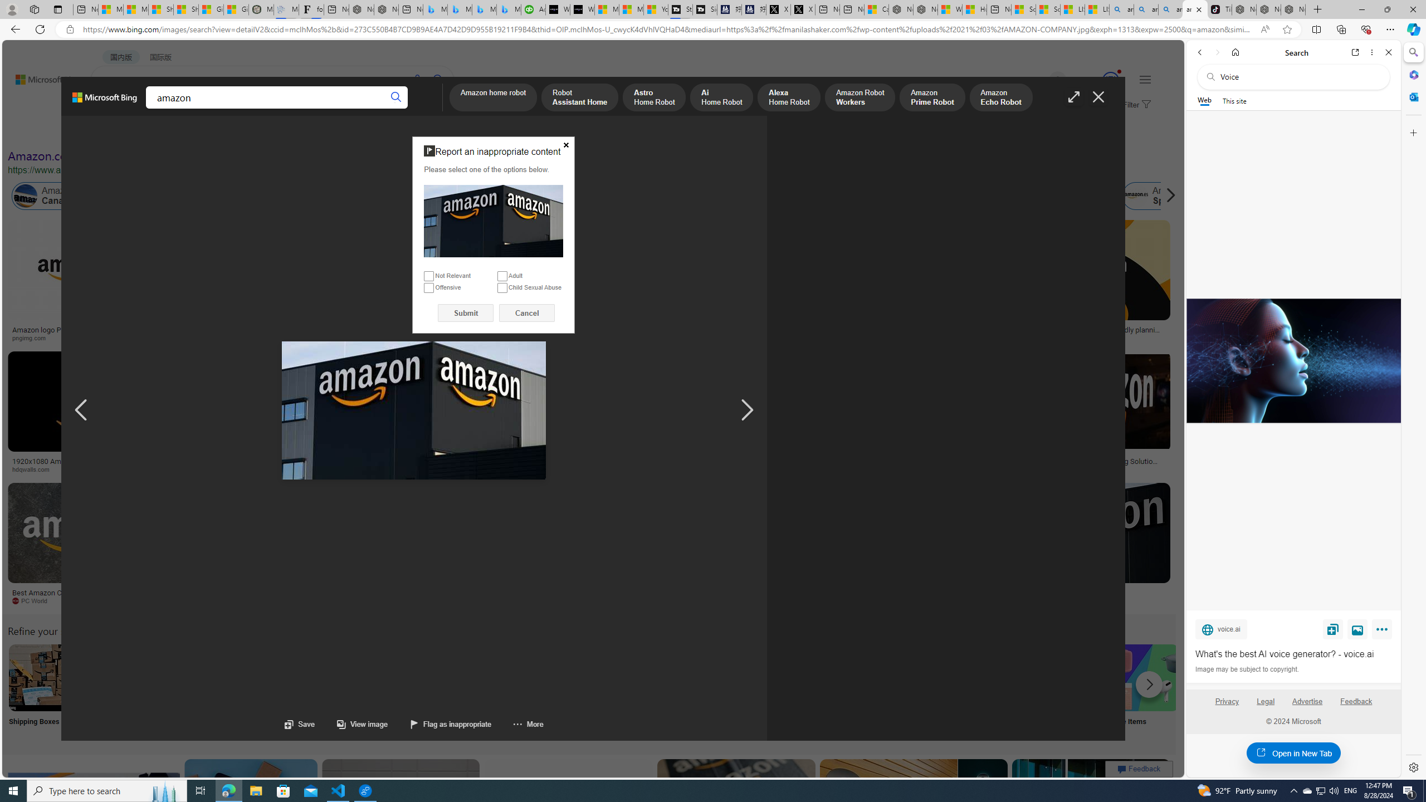 The height and width of the screenshot is (802, 1426). Describe the element at coordinates (925, 9) in the screenshot. I see `'Nordace - Summer Adventures 2024'` at that location.